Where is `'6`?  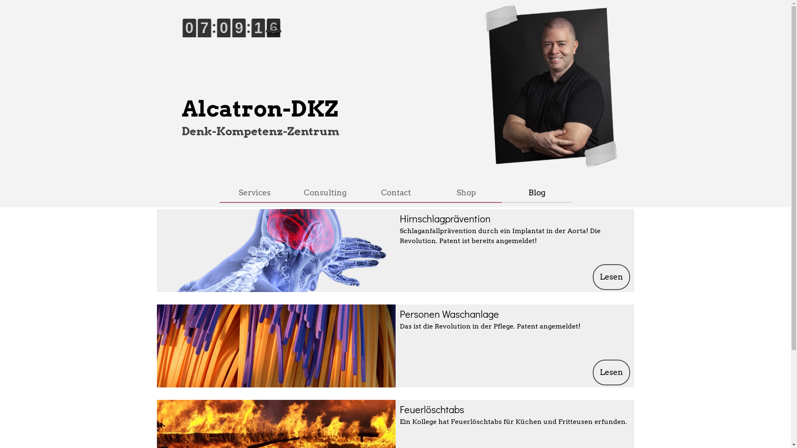 '6 is located at coordinates (210, 38).